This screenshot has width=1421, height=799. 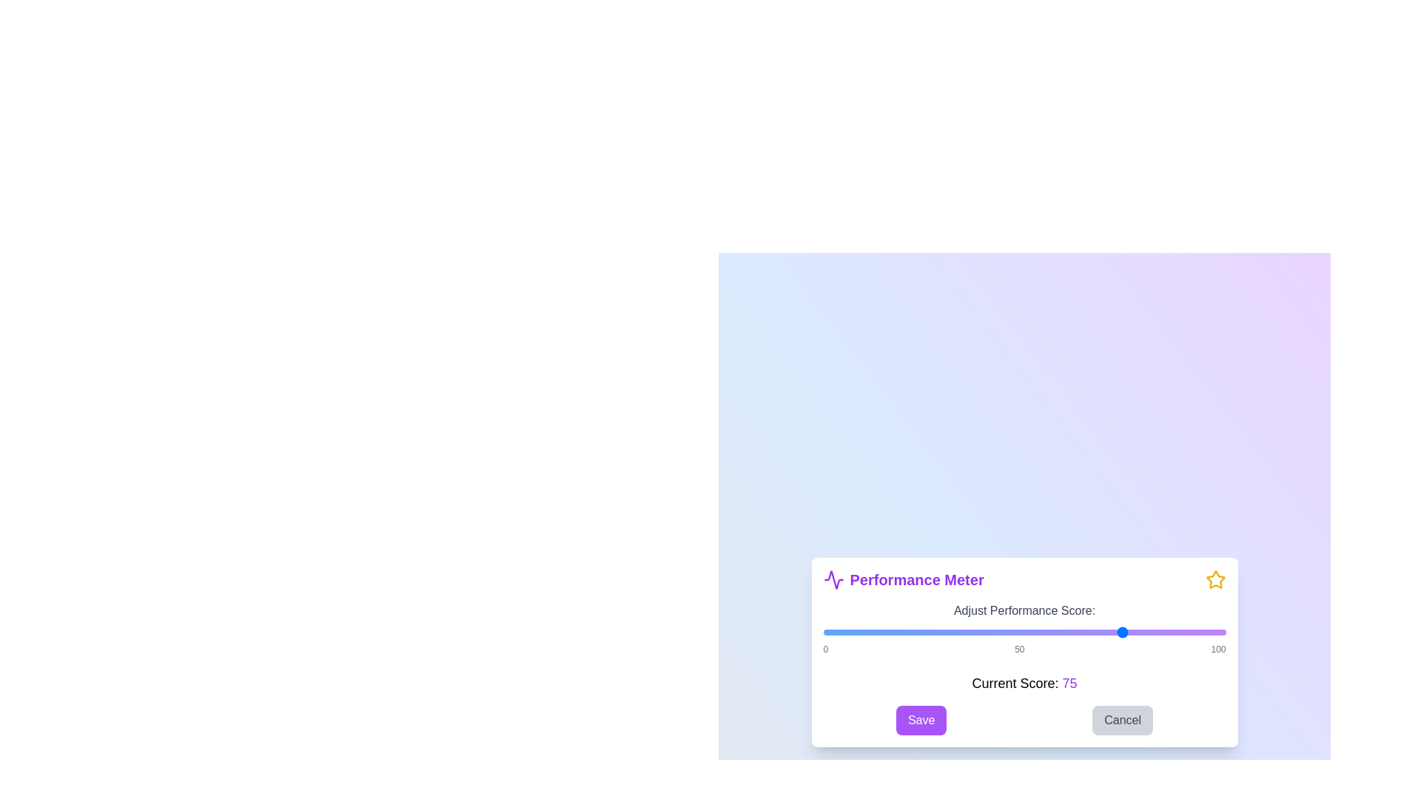 I want to click on the performance score to 87 using the slider, so click(x=1172, y=633).